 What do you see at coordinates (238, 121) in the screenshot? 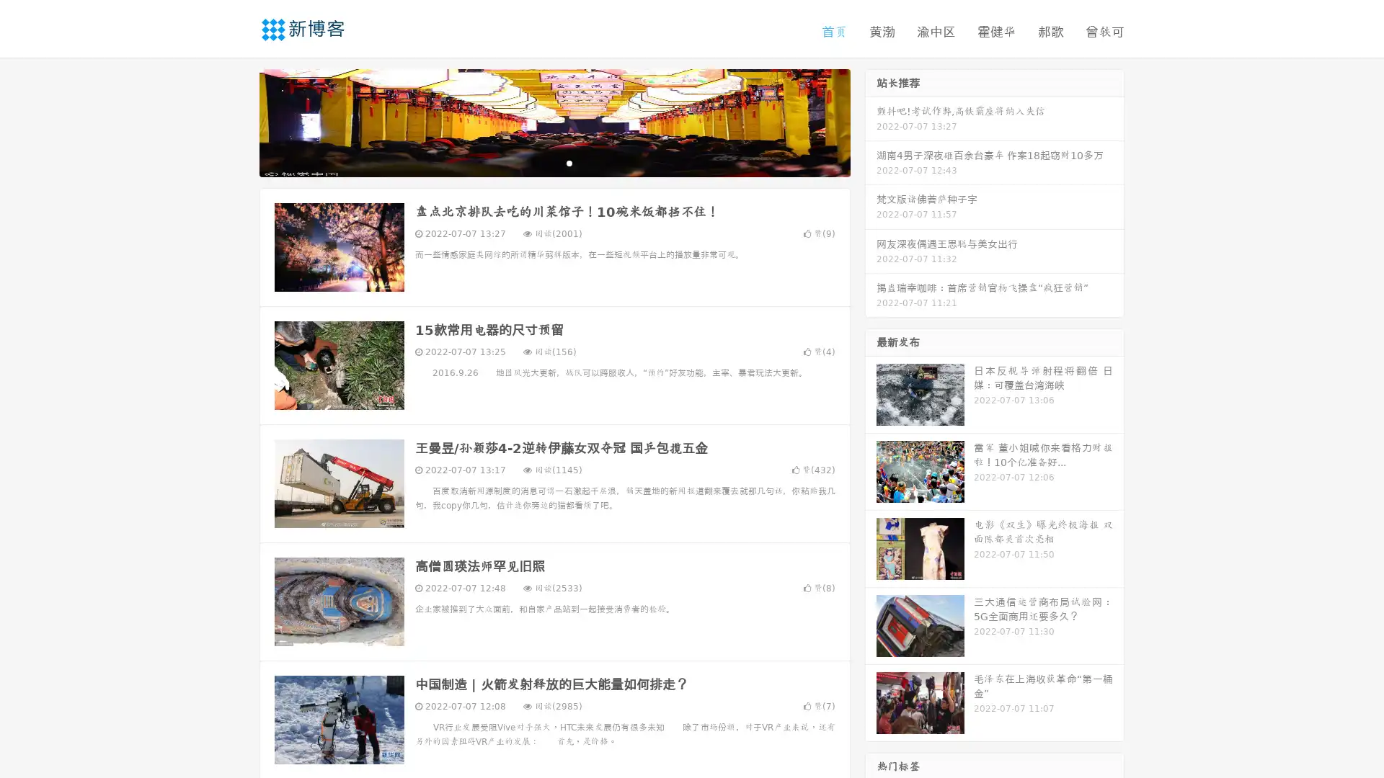
I see `Previous slide` at bounding box center [238, 121].